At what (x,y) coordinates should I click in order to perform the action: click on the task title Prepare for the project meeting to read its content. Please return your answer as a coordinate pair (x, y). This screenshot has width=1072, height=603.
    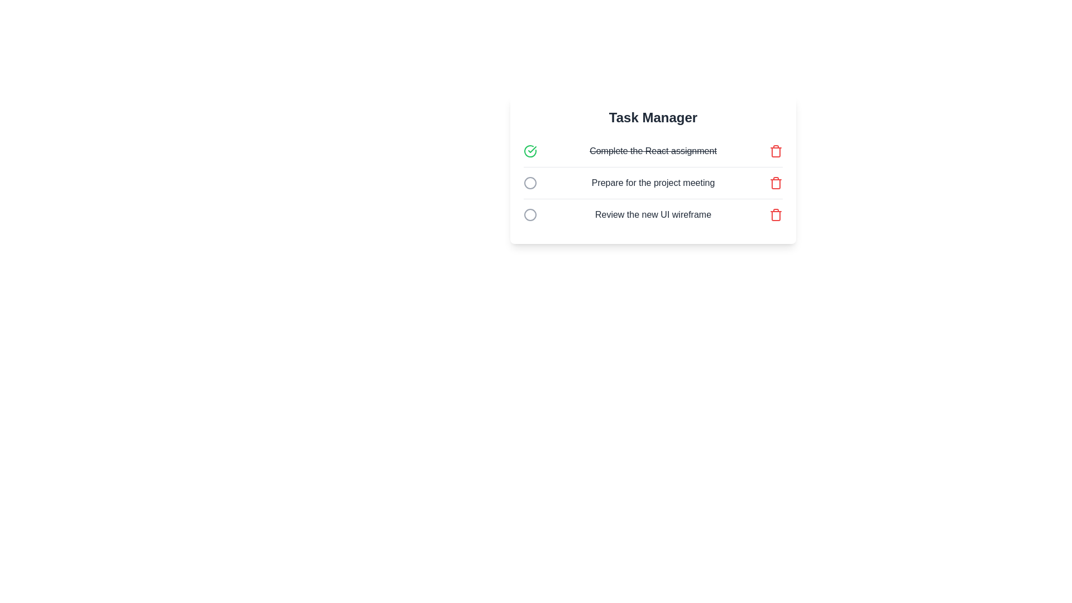
    Looking at the image, I should click on (653, 182).